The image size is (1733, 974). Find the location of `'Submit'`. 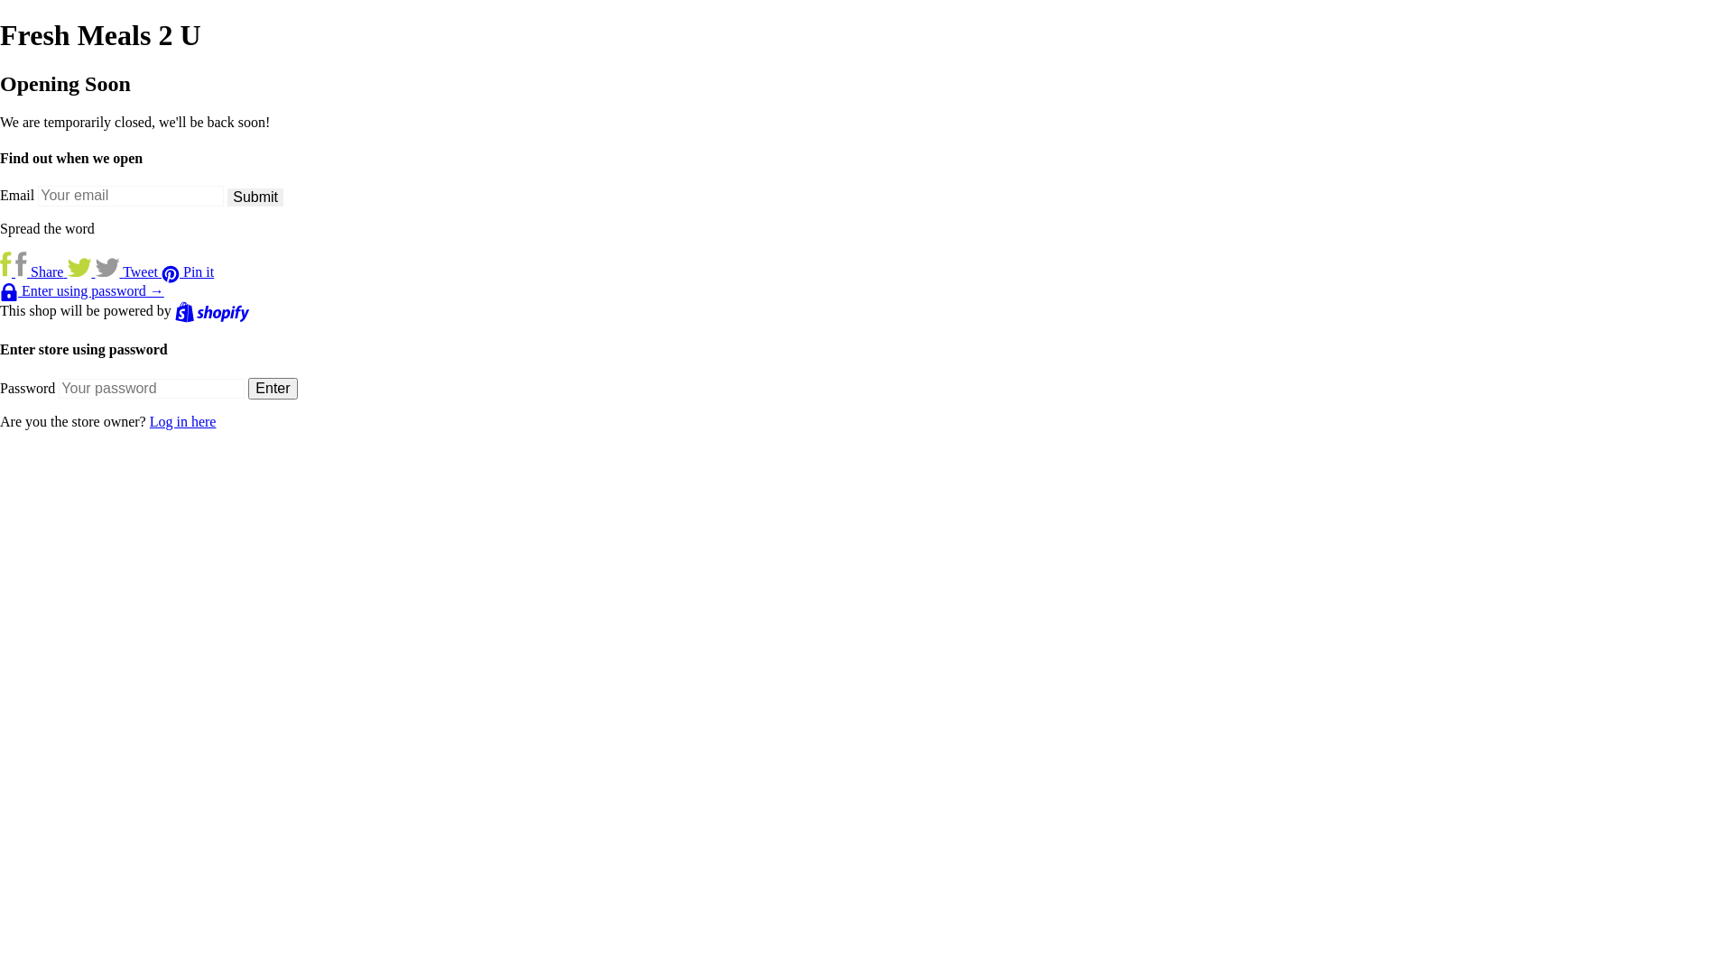

'Submit' is located at coordinates (255, 198).